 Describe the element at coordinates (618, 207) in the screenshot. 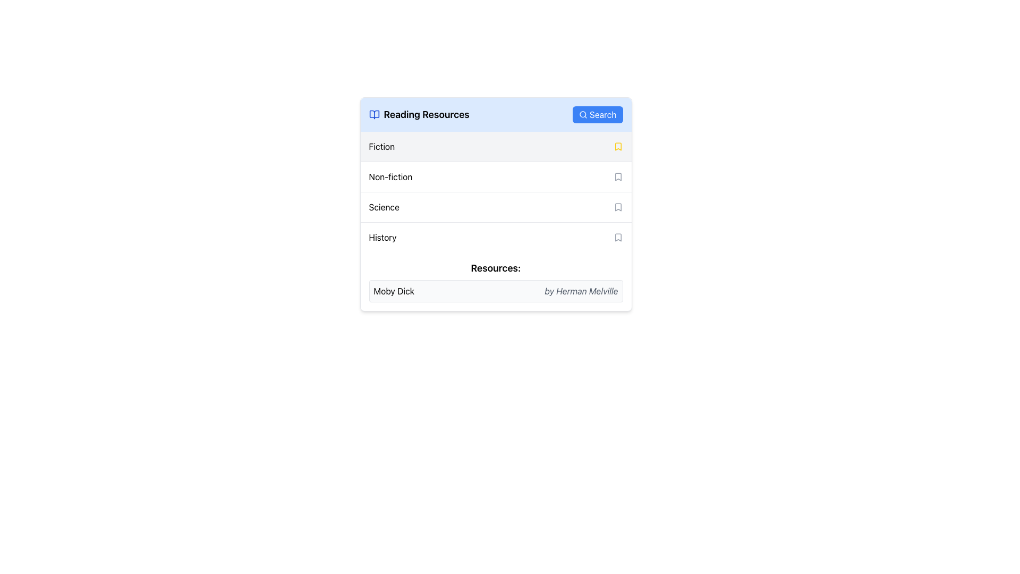

I see `the non-interactive SVG bookmark icon located on the far right side of the 'Science' row in the list of categorized topics` at that location.